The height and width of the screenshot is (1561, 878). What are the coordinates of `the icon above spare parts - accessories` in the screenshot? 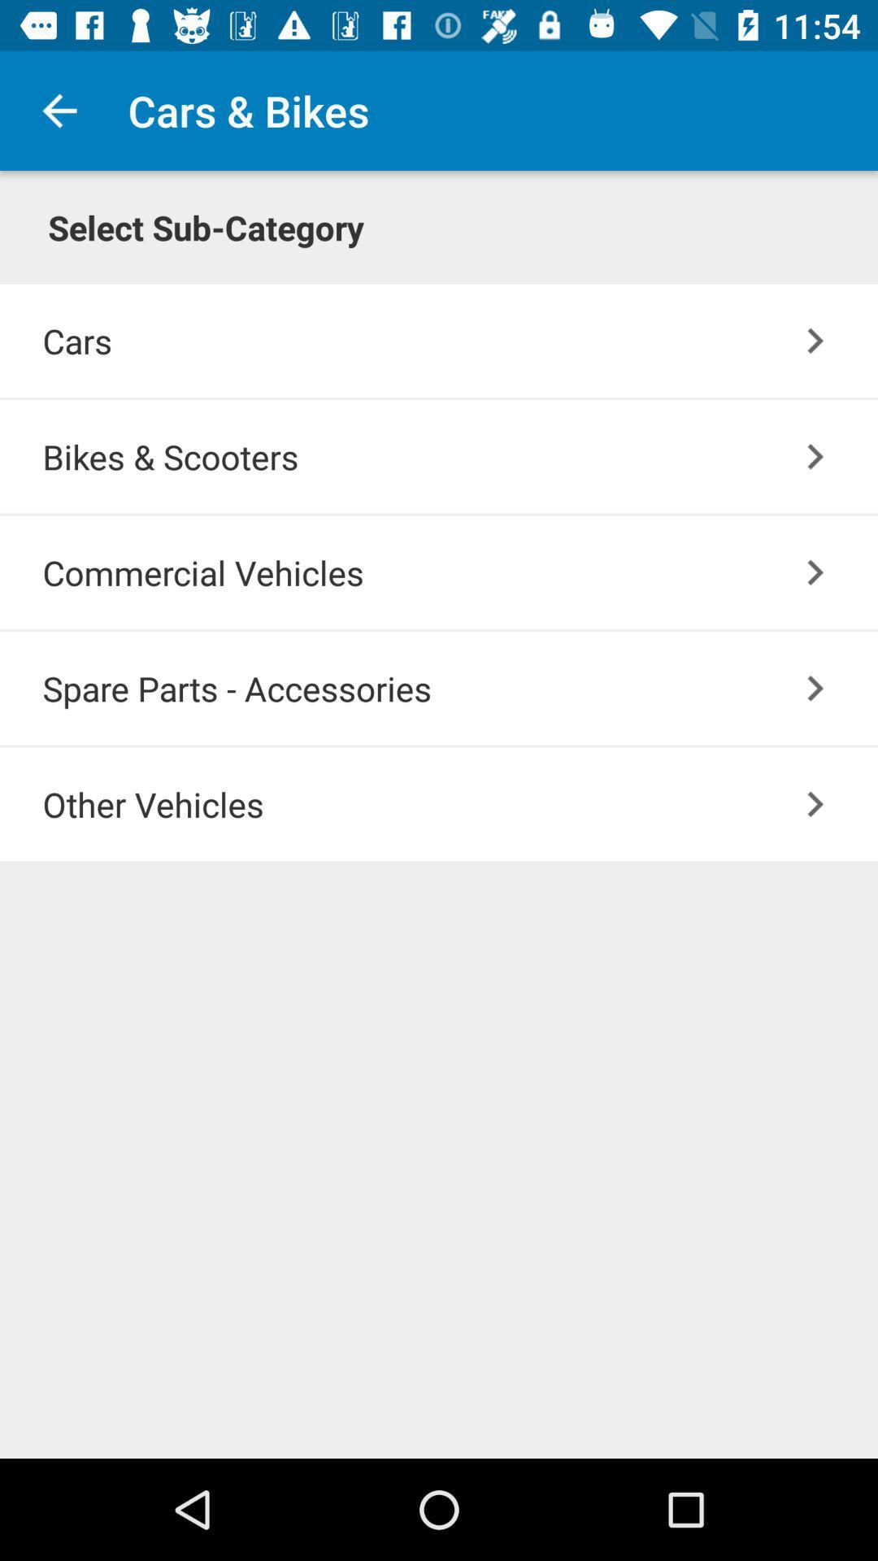 It's located at (460, 572).